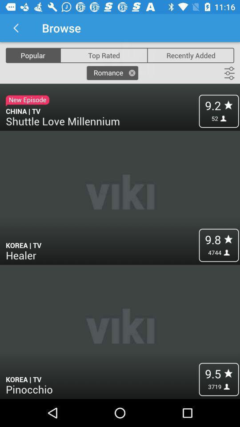  What do you see at coordinates (16, 28) in the screenshot?
I see `the app next to browse item` at bounding box center [16, 28].